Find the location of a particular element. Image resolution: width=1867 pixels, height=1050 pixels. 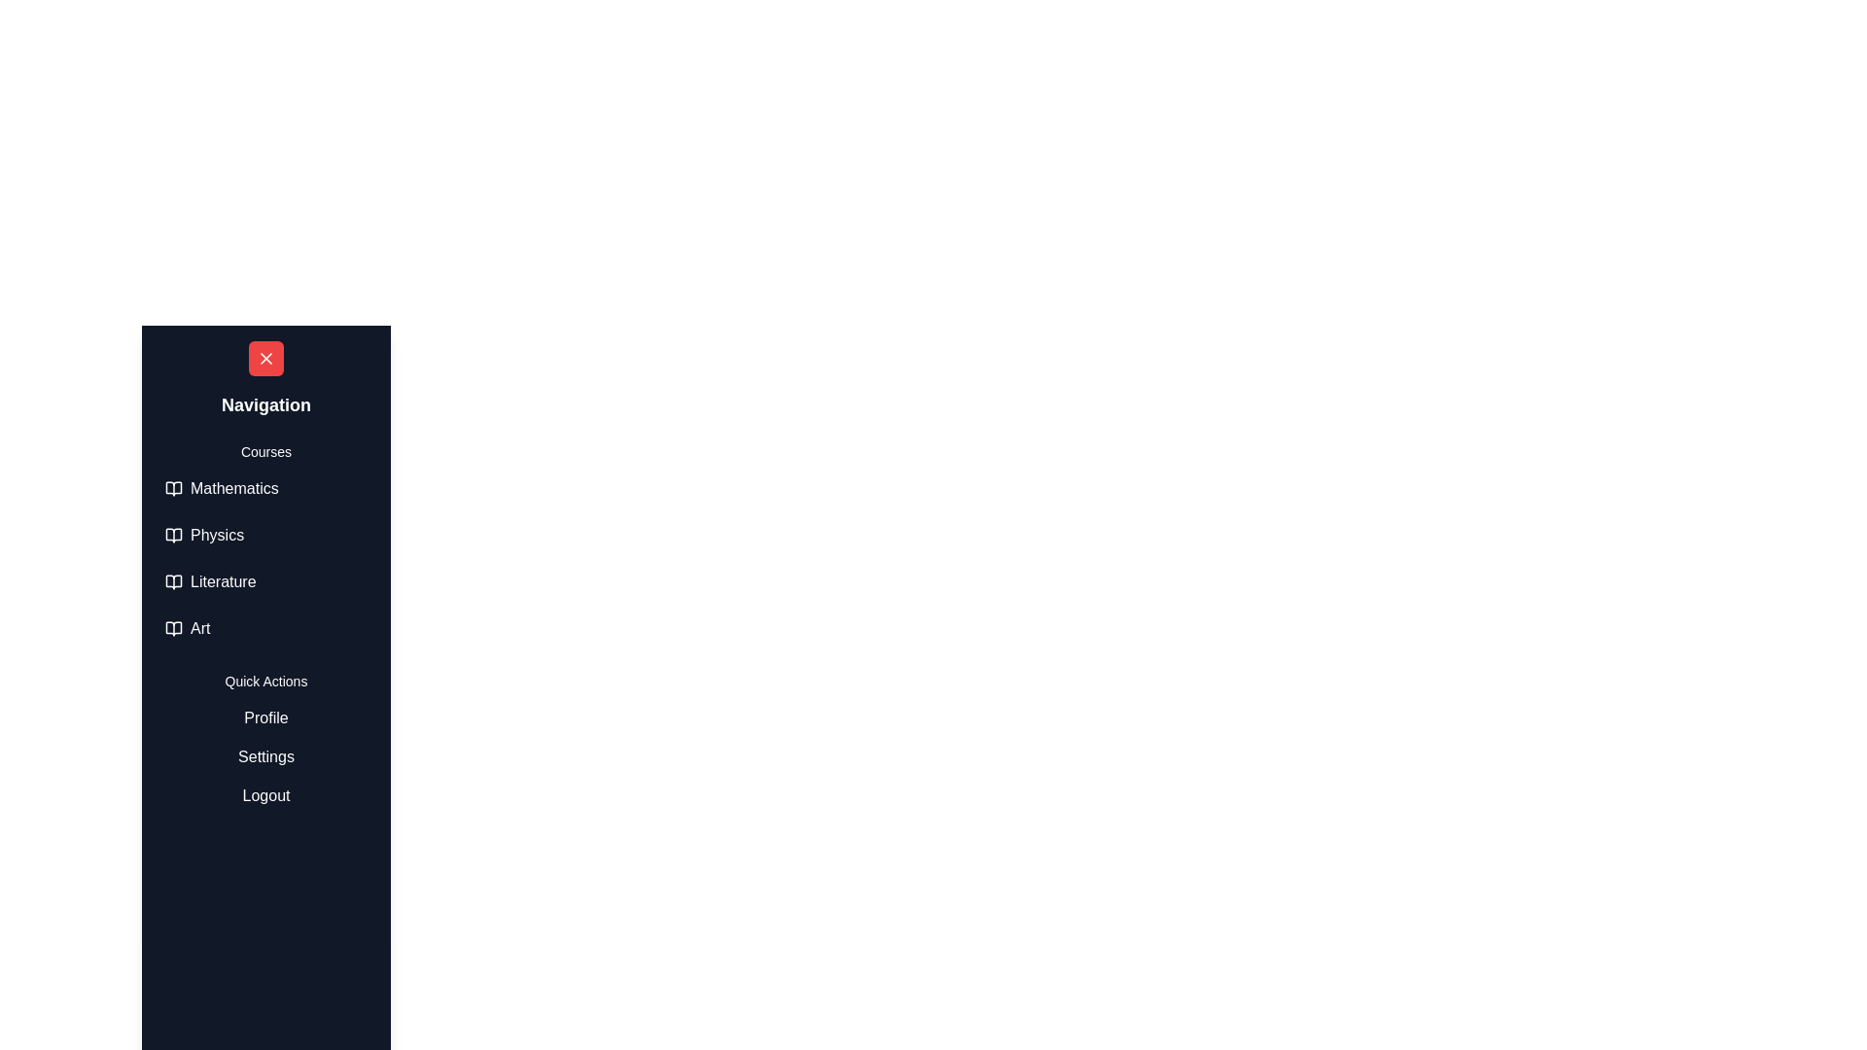

the first list item in the 'Courses' section of the sidebar navigation menu is located at coordinates (264, 487).